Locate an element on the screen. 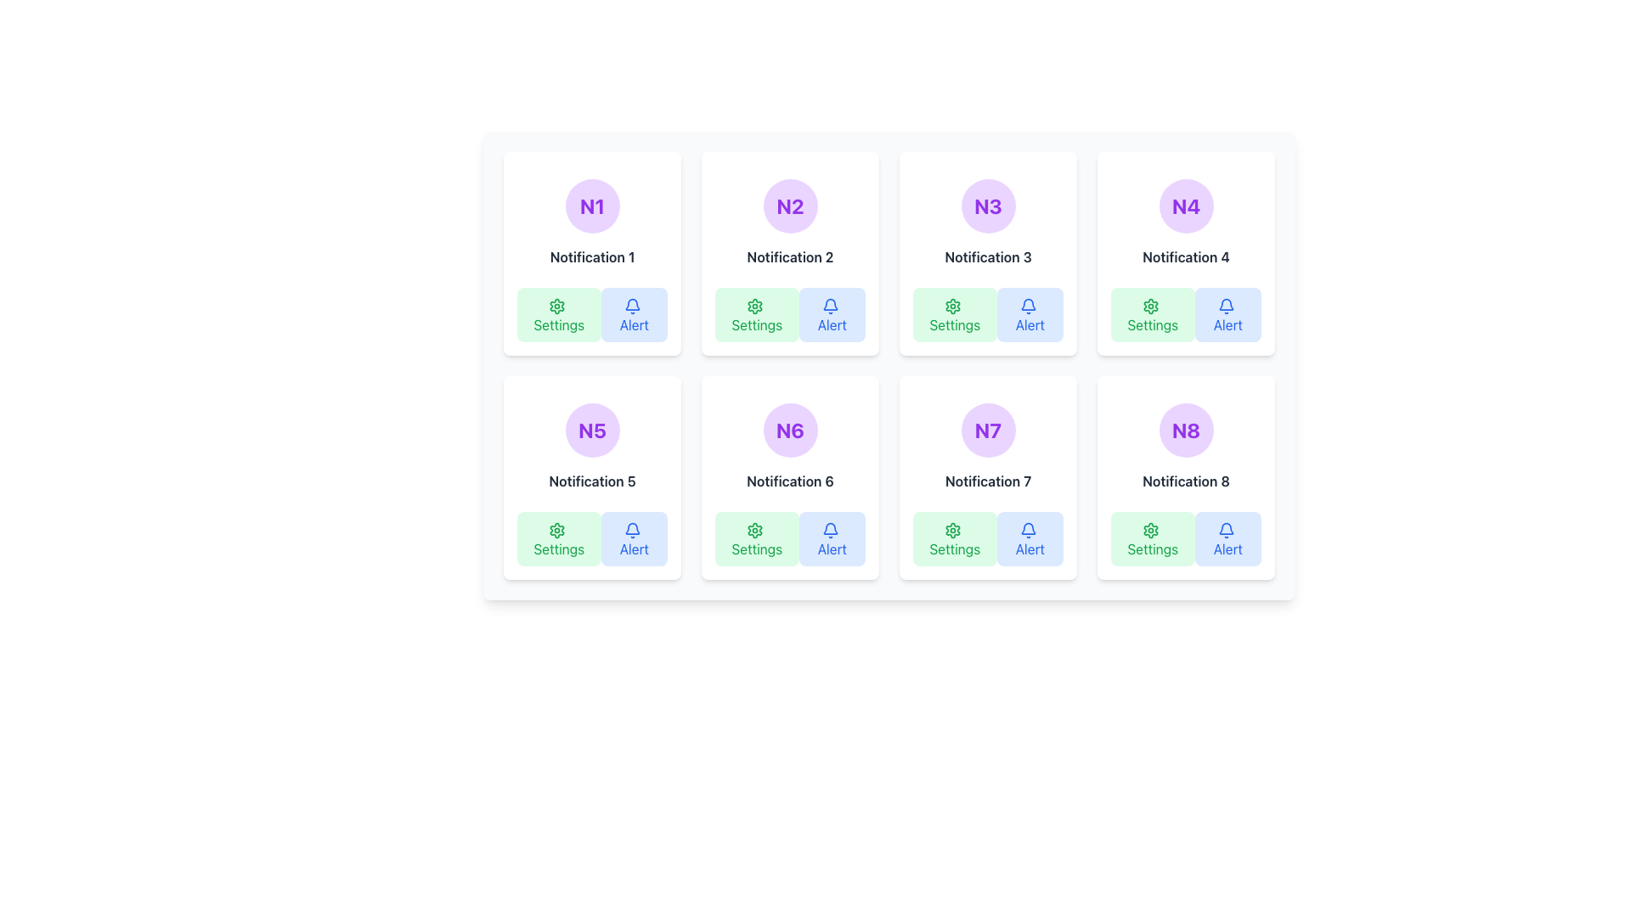  the left button in the 'Settings' and 'Alert' button pair below the 'Notification 2' section is located at coordinates (756, 314).